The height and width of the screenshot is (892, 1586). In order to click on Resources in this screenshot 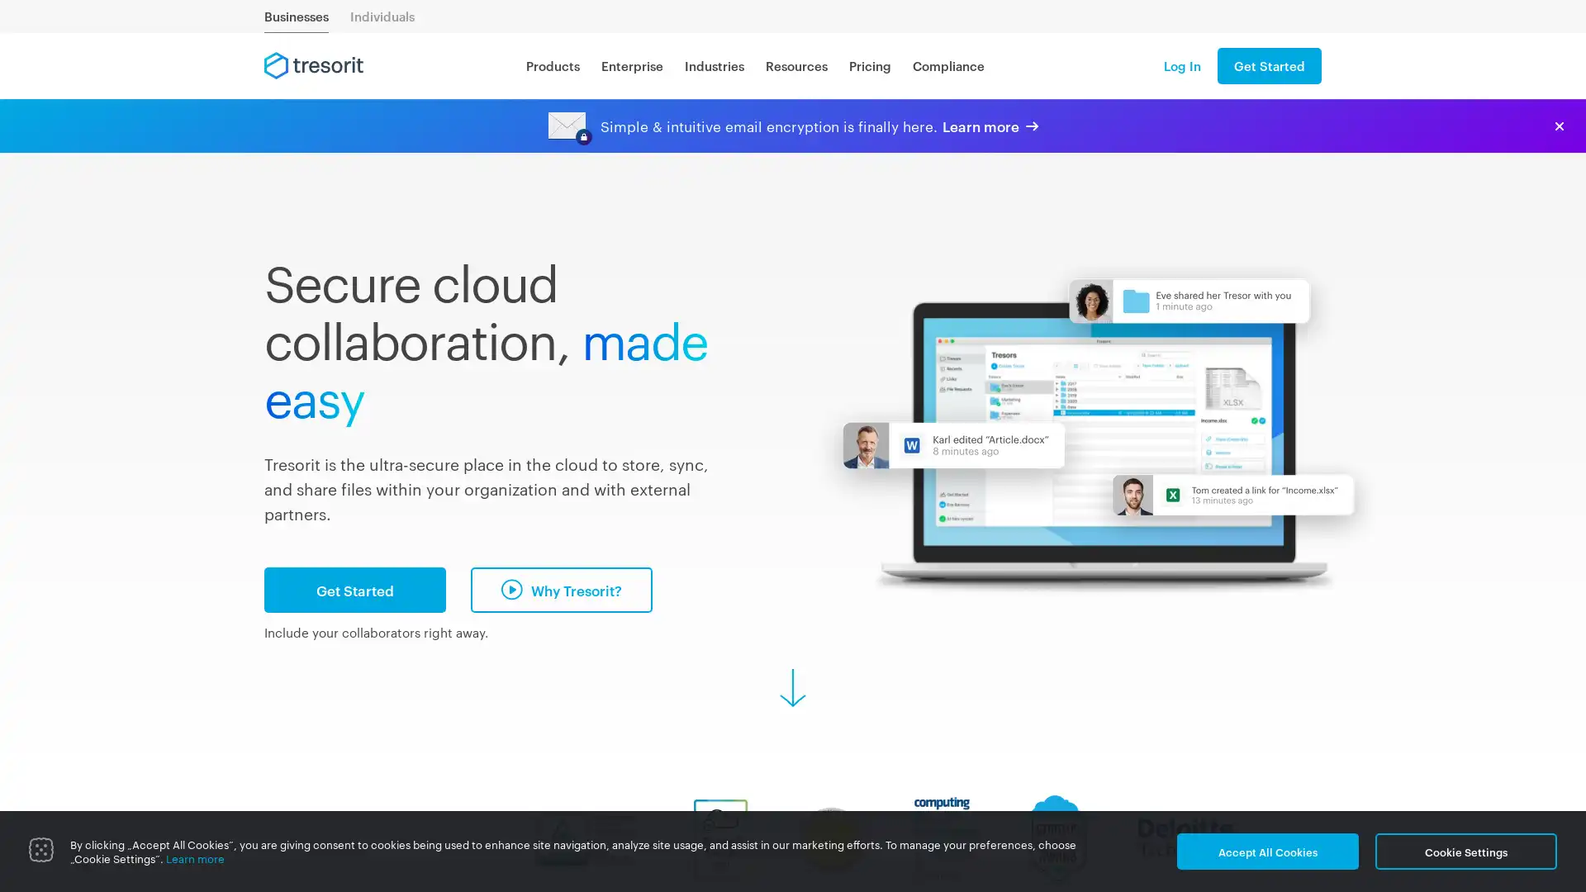, I will do `click(796, 65)`.